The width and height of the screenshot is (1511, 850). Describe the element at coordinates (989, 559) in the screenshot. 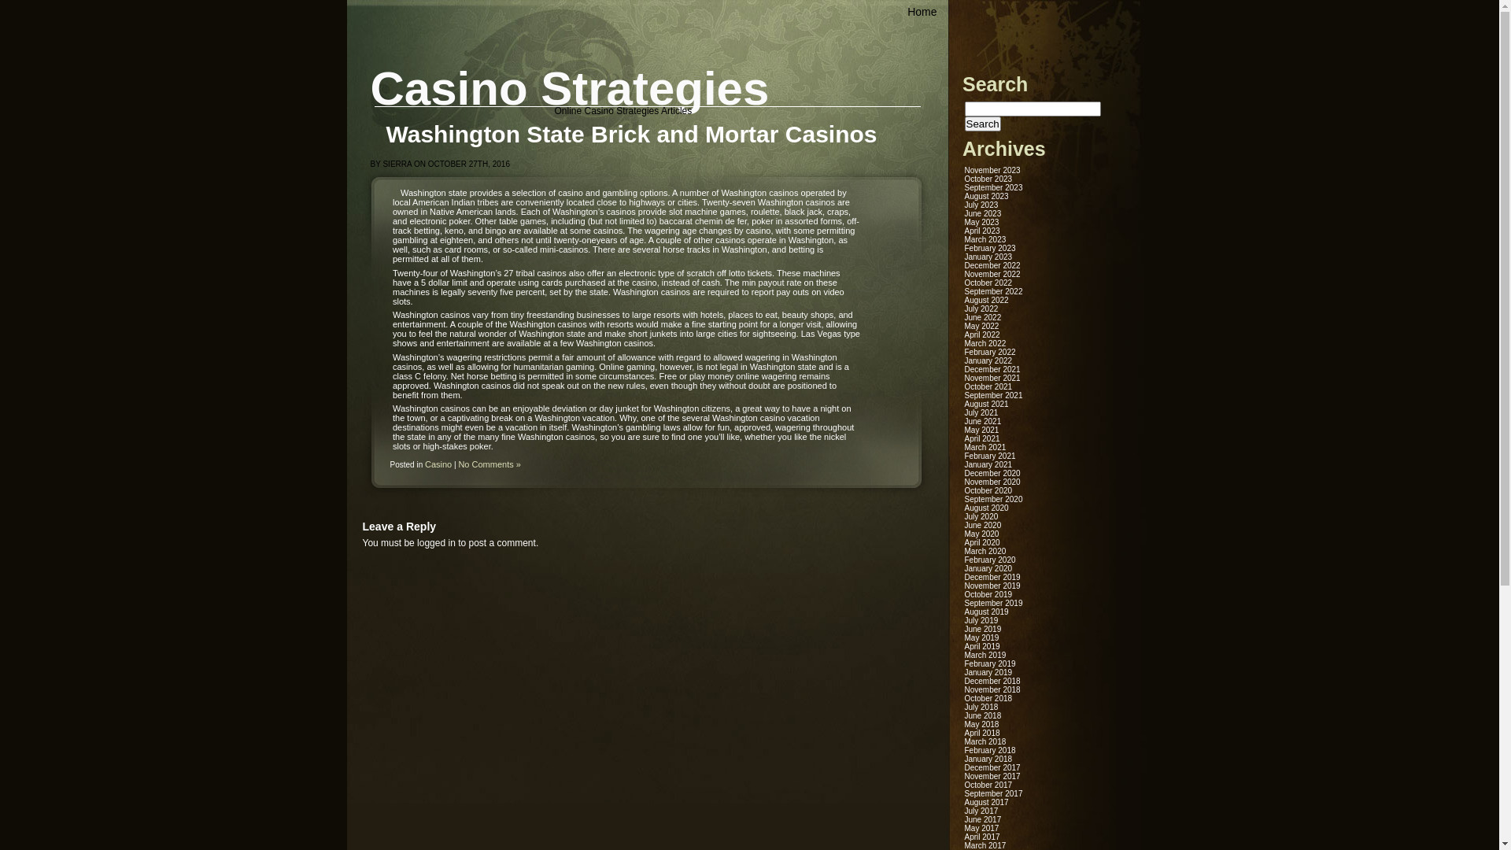

I see `'February 2020'` at that location.